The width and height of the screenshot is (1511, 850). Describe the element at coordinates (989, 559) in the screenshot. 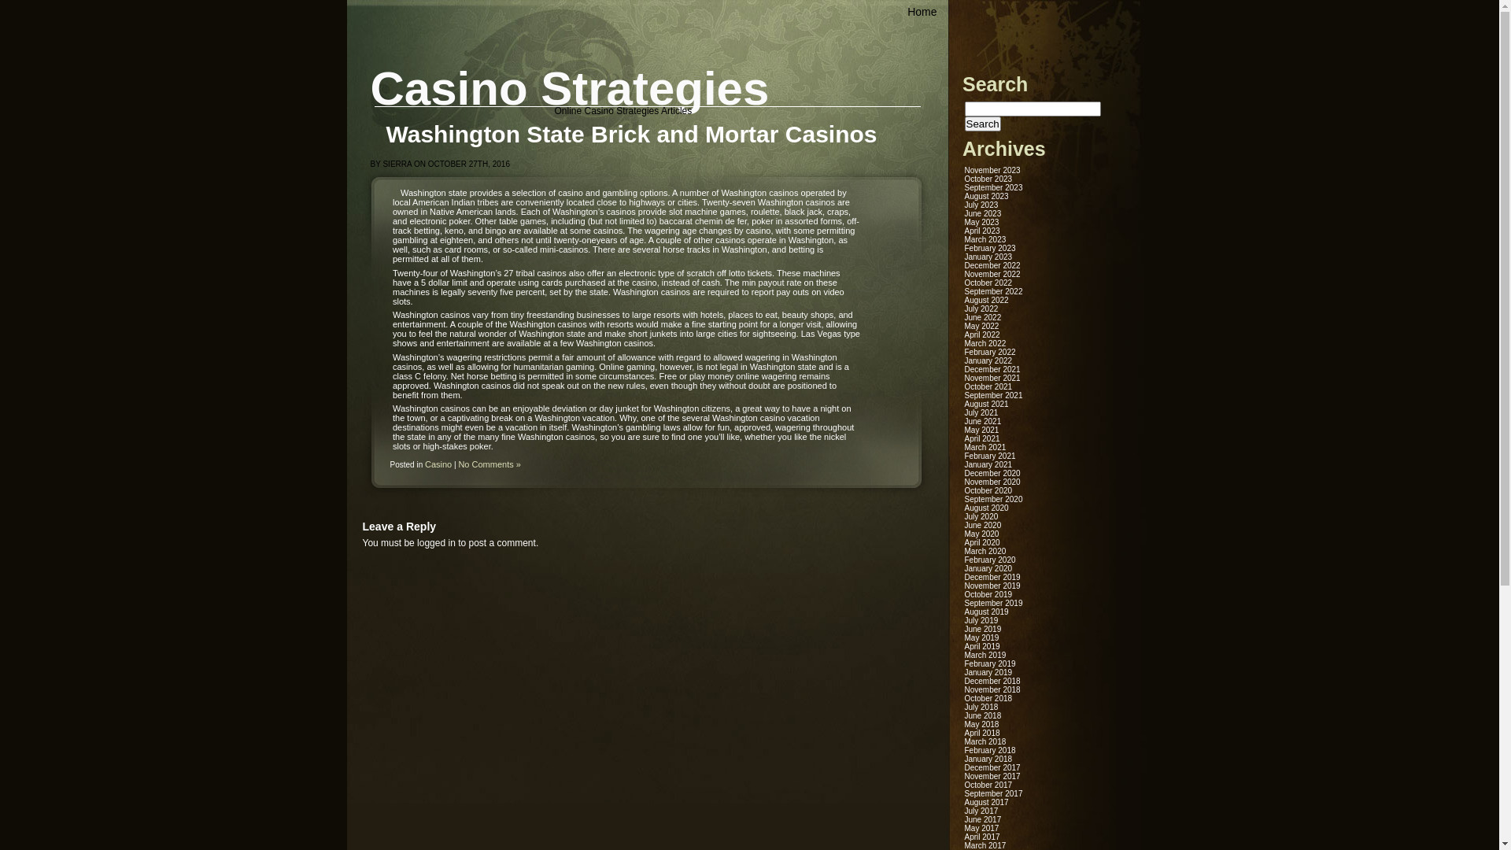

I see `'February 2020'` at that location.